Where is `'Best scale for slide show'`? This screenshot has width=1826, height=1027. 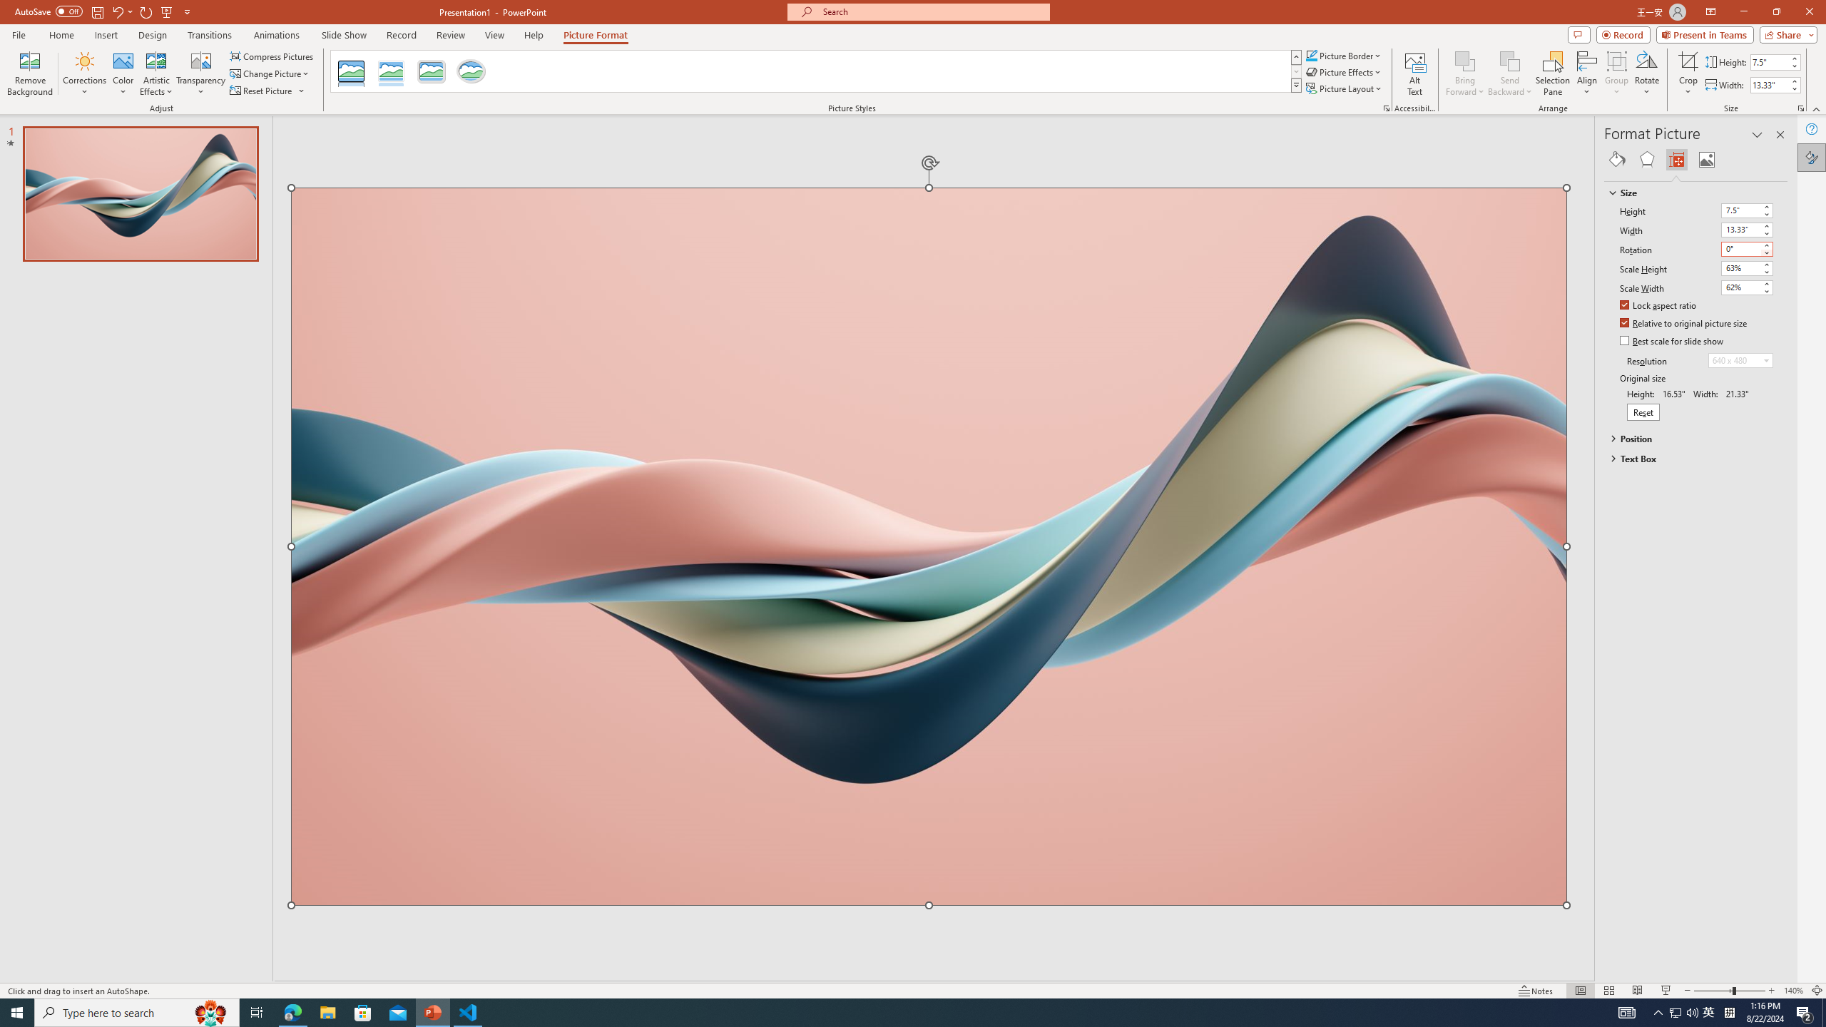
'Best scale for slide show' is located at coordinates (1671, 341).